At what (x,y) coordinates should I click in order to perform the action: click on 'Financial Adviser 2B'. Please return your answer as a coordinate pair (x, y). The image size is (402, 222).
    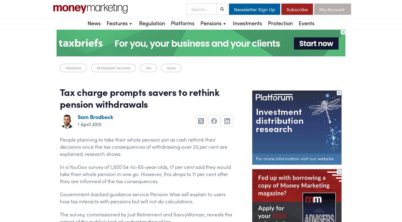
    Looking at the image, I should click on (128, 84).